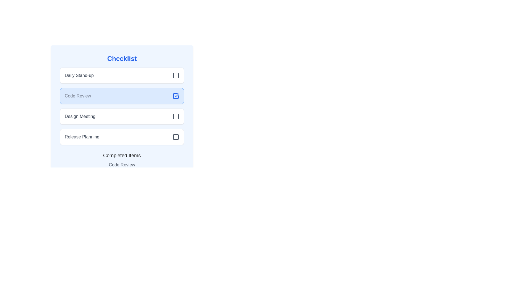 The height and width of the screenshot is (299, 531). Describe the element at coordinates (175, 76) in the screenshot. I see `the empty checkbox at the end of the 'Daily Stand-up' task item` at that location.